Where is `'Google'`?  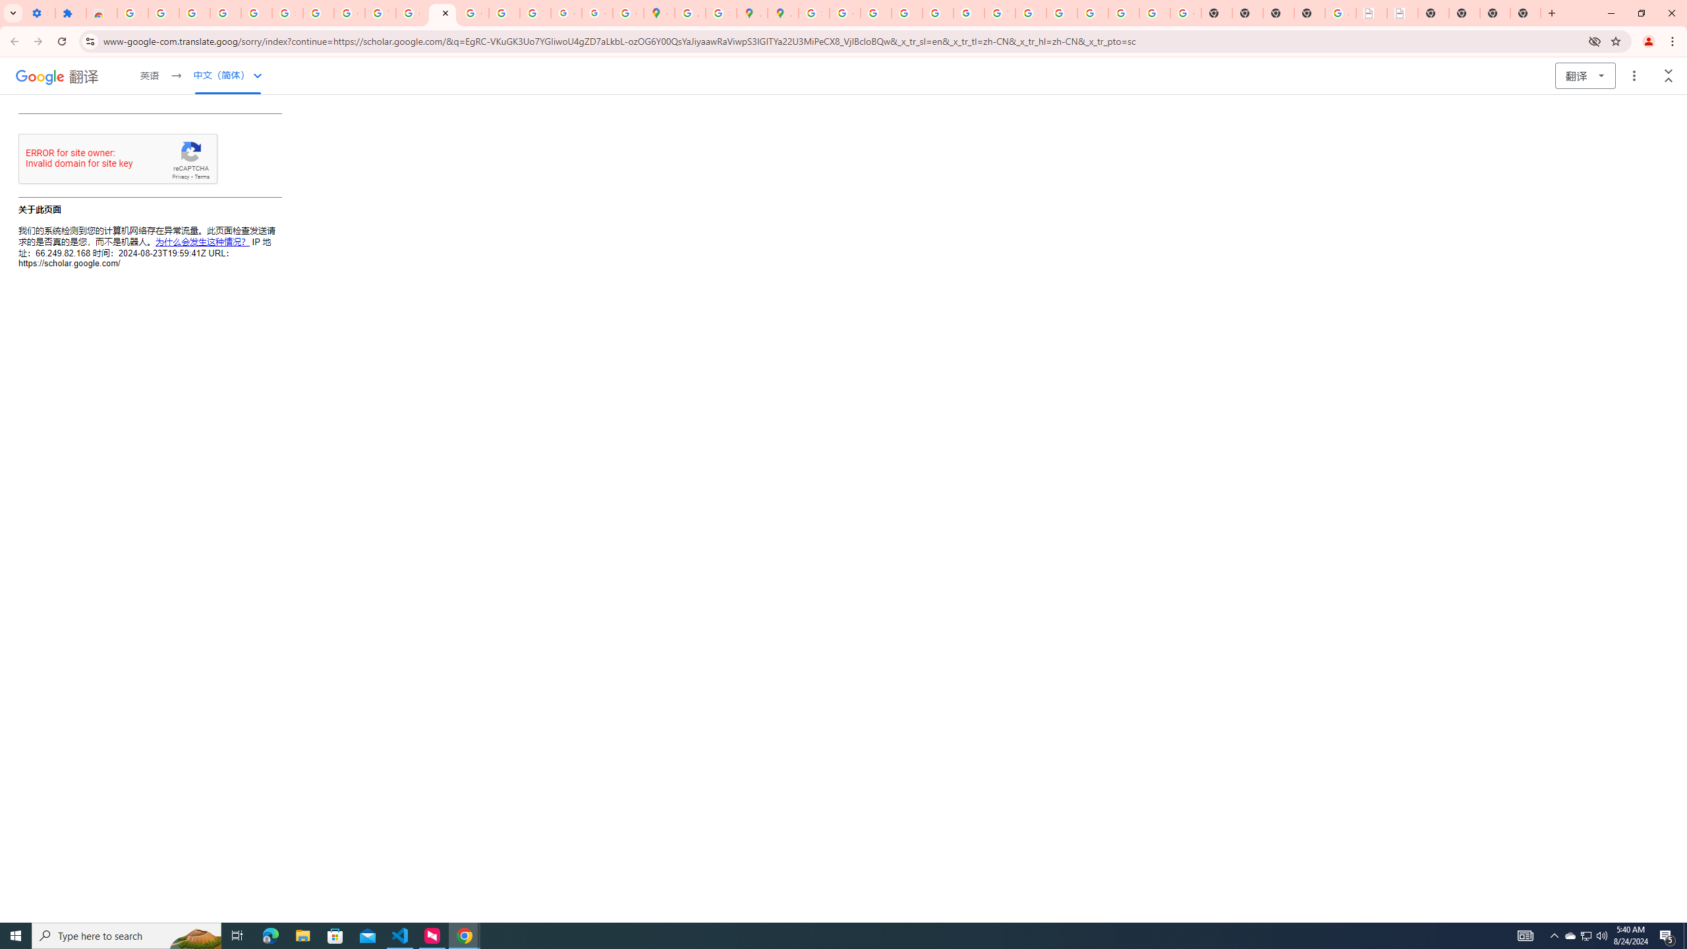
'Google' is located at coordinates (40, 76).